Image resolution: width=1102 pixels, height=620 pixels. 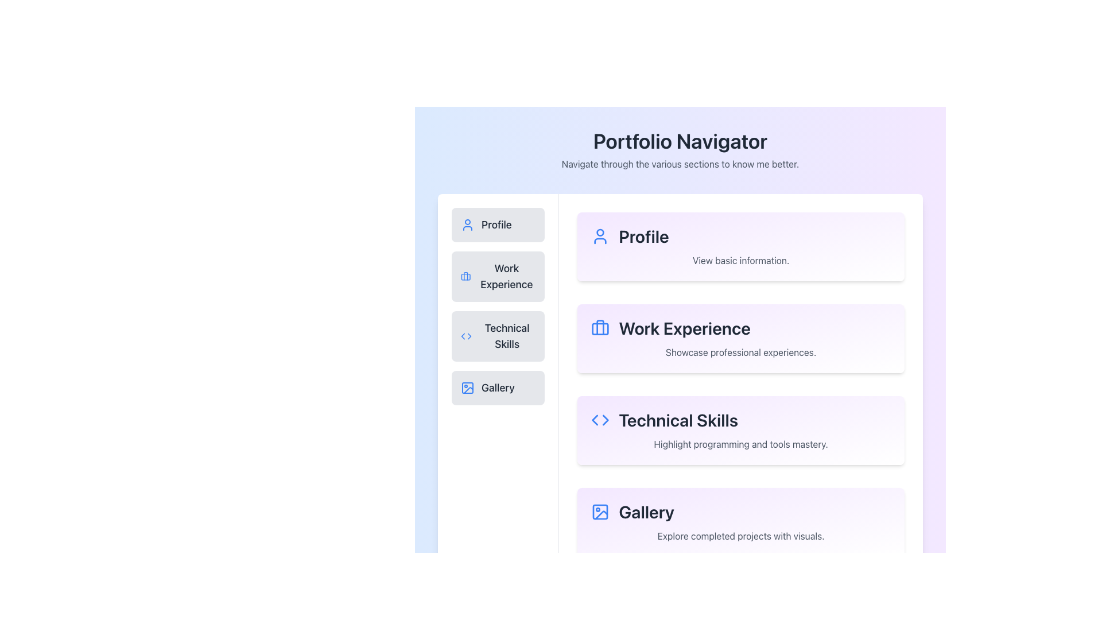 What do you see at coordinates (498, 336) in the screenshot?
I see `the 'Technical Skills' button, which is a rectangular button with rounded edges containing the text 'Technical Skills' and a blue icon resembling two angle brackets ('<>') on its left side, located in the left sidebar beneath the 'Work Experience' button` at bounding box center [498, 336].